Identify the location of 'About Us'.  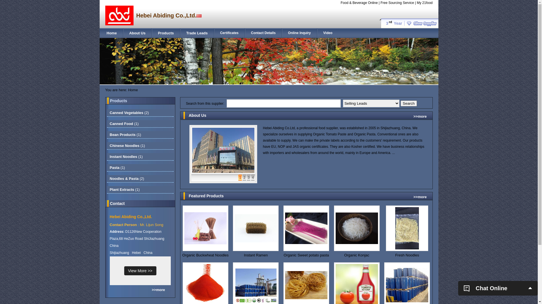
(137, 33).